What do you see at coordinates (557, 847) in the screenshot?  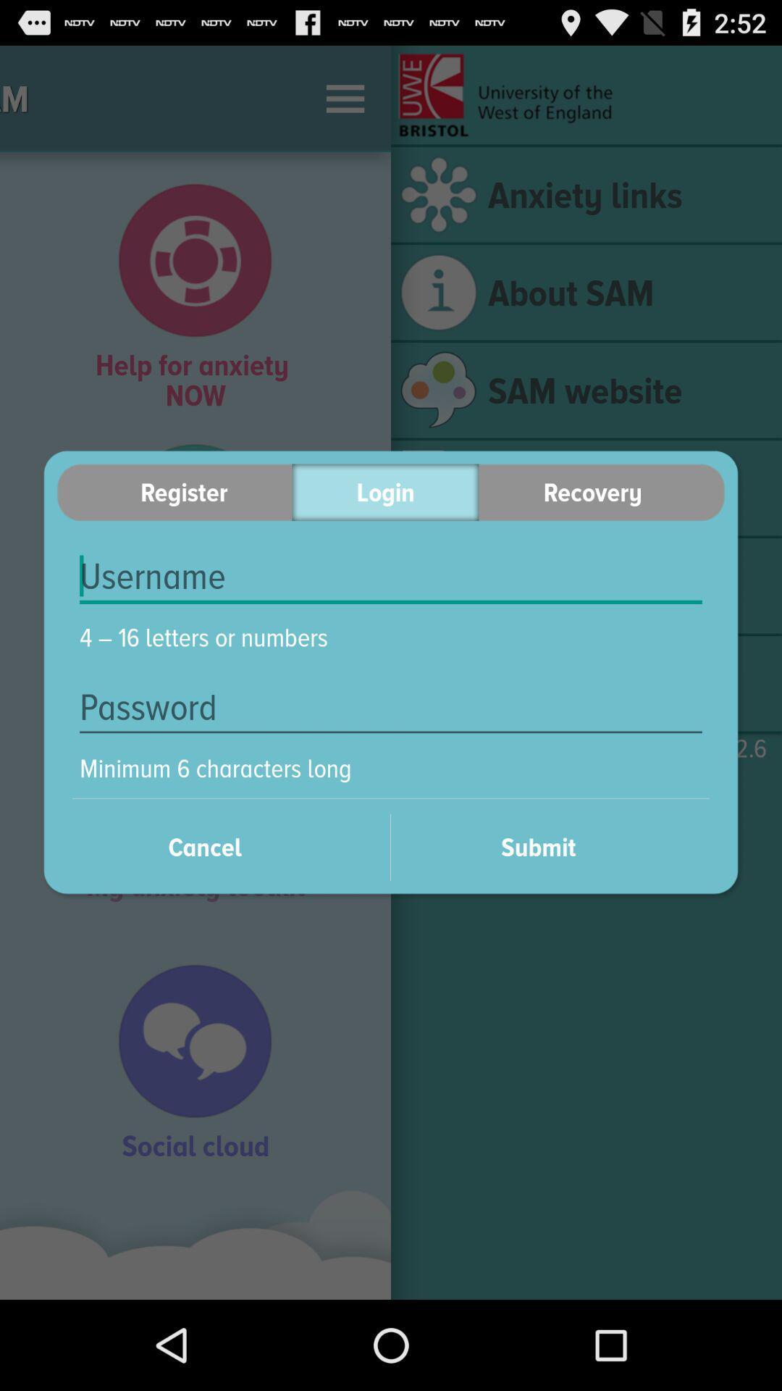 I see `submit item` at bounding box center [557, 847].